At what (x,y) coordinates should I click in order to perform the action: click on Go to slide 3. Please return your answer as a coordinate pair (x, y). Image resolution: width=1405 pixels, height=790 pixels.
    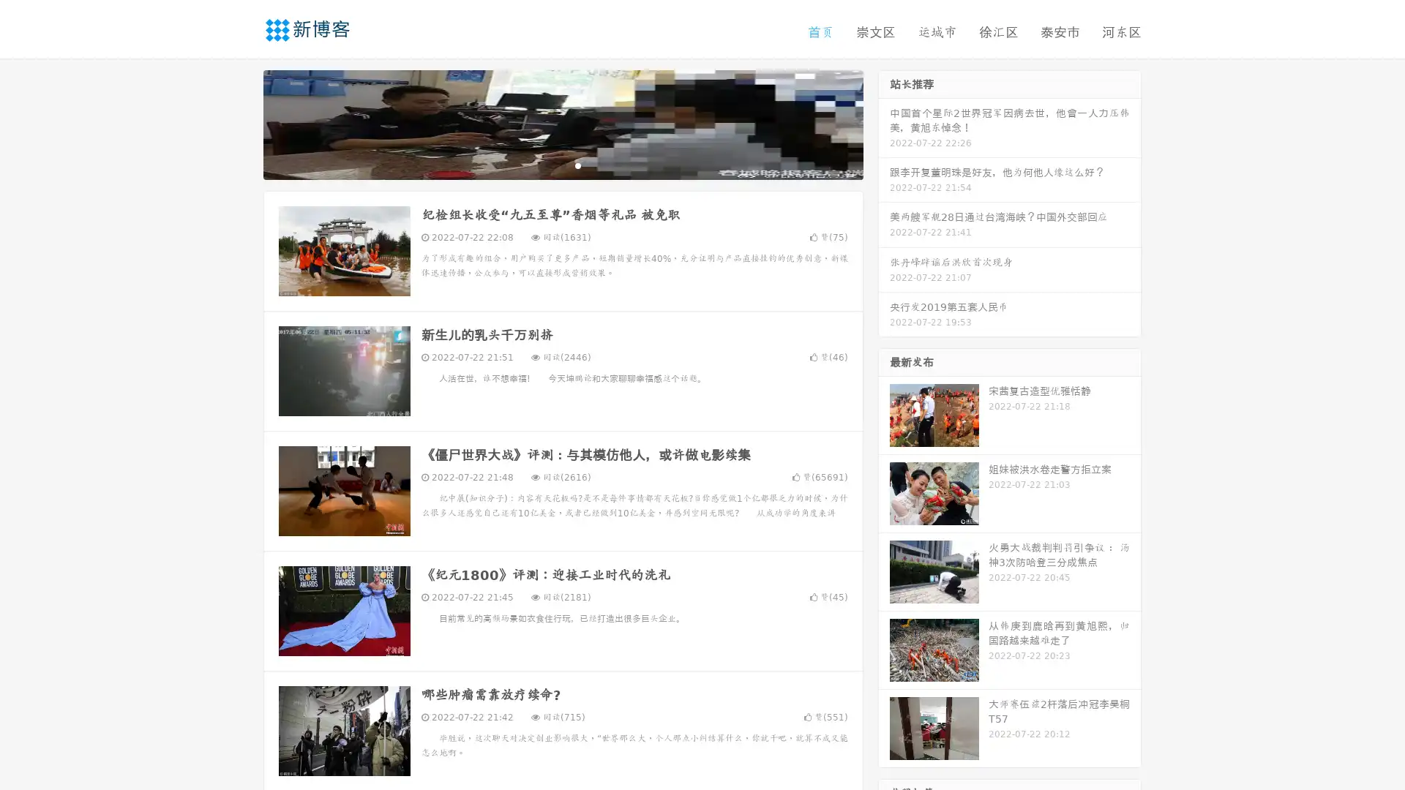
    Looking at the image, I should click on (577, 165).